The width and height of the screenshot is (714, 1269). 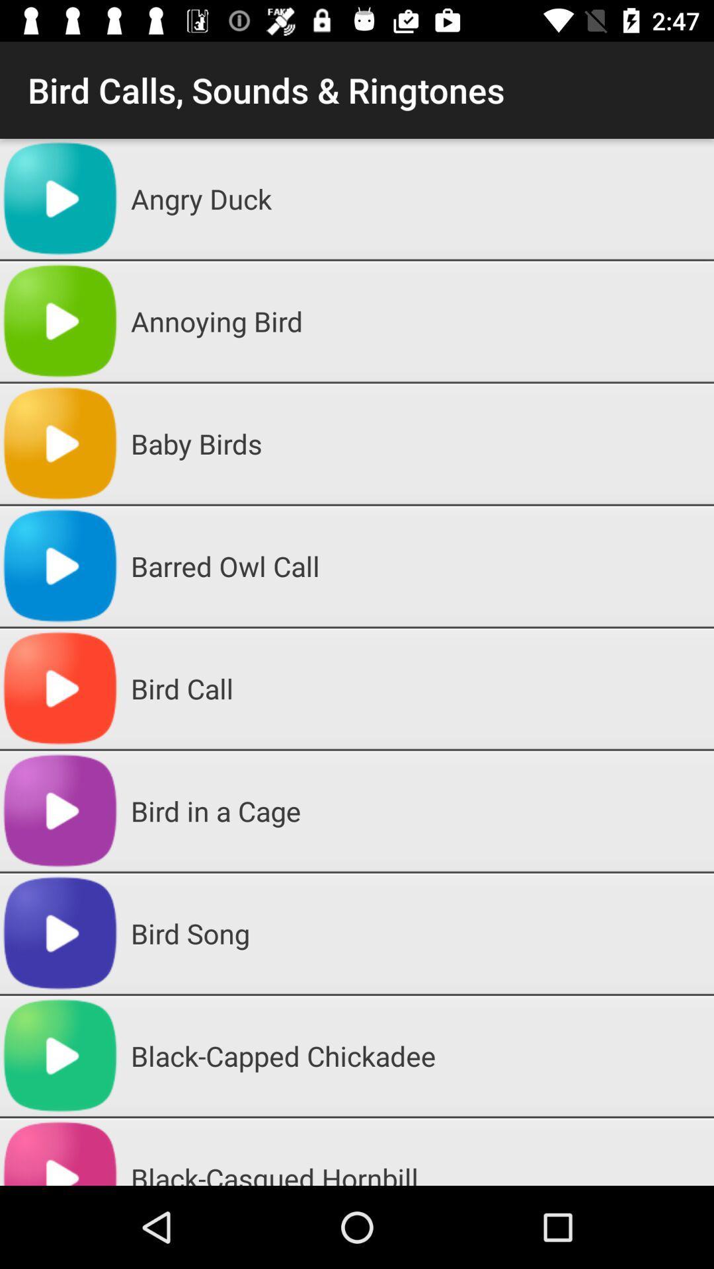 What do you see at coordinates (417, 810) in the screenshot?
I see `the bird in a` at bounding box center [417, 810].